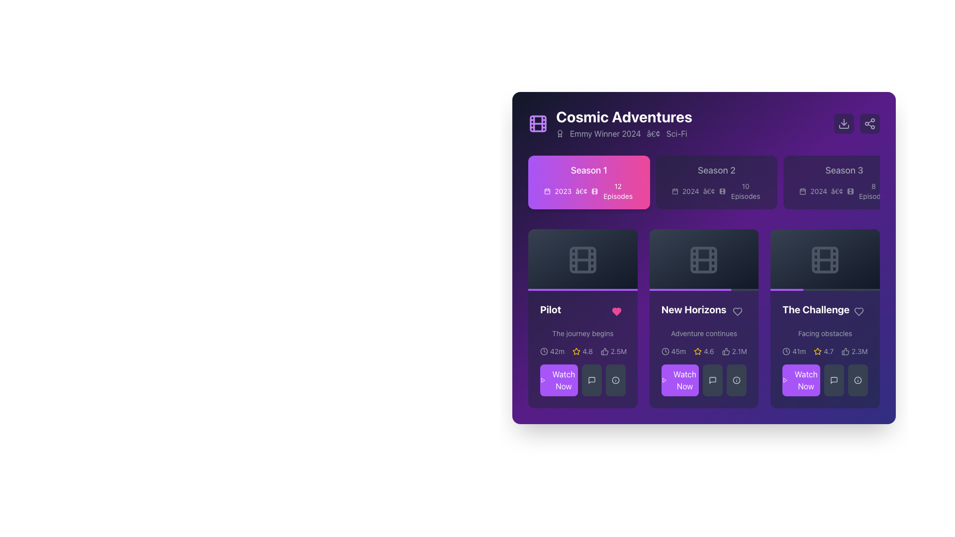 The width and height of the screenshot is (955, 537). Describe the element at coordinates (873, 191) in the screenshot. I see `the text label displaying '8 Episodes' located at the bottom-right corner of the purple 'Season 3' card` at that location.